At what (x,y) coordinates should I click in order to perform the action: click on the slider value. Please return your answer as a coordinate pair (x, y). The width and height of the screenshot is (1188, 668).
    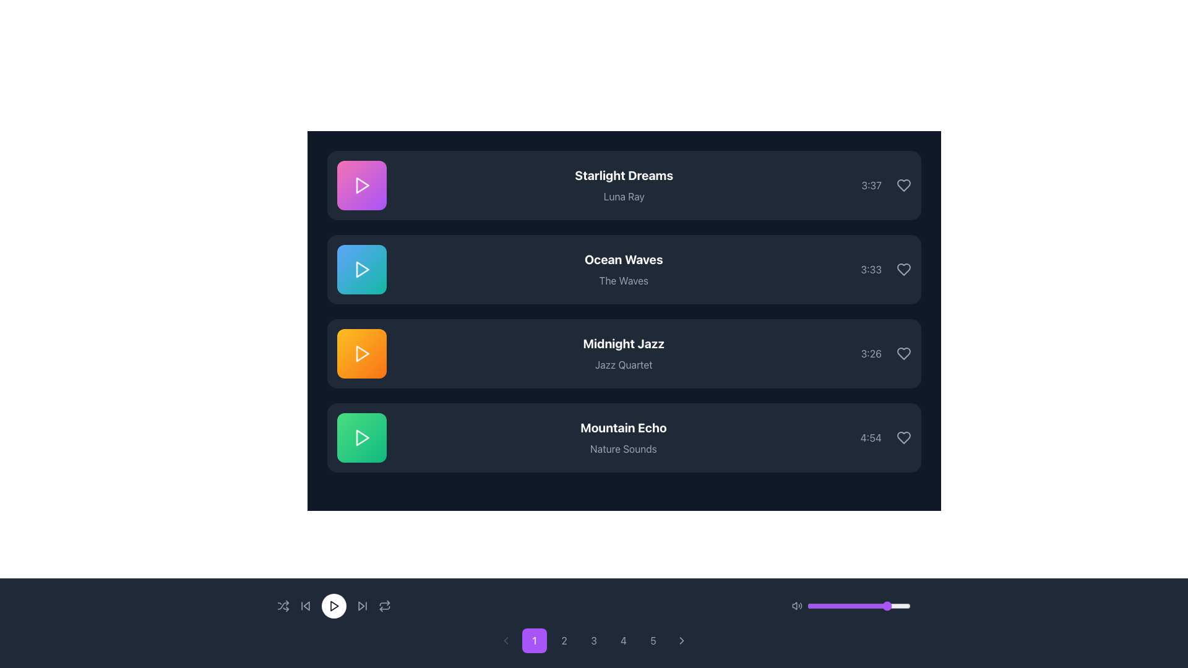
    Looking at the image, I should click on (886, 605).